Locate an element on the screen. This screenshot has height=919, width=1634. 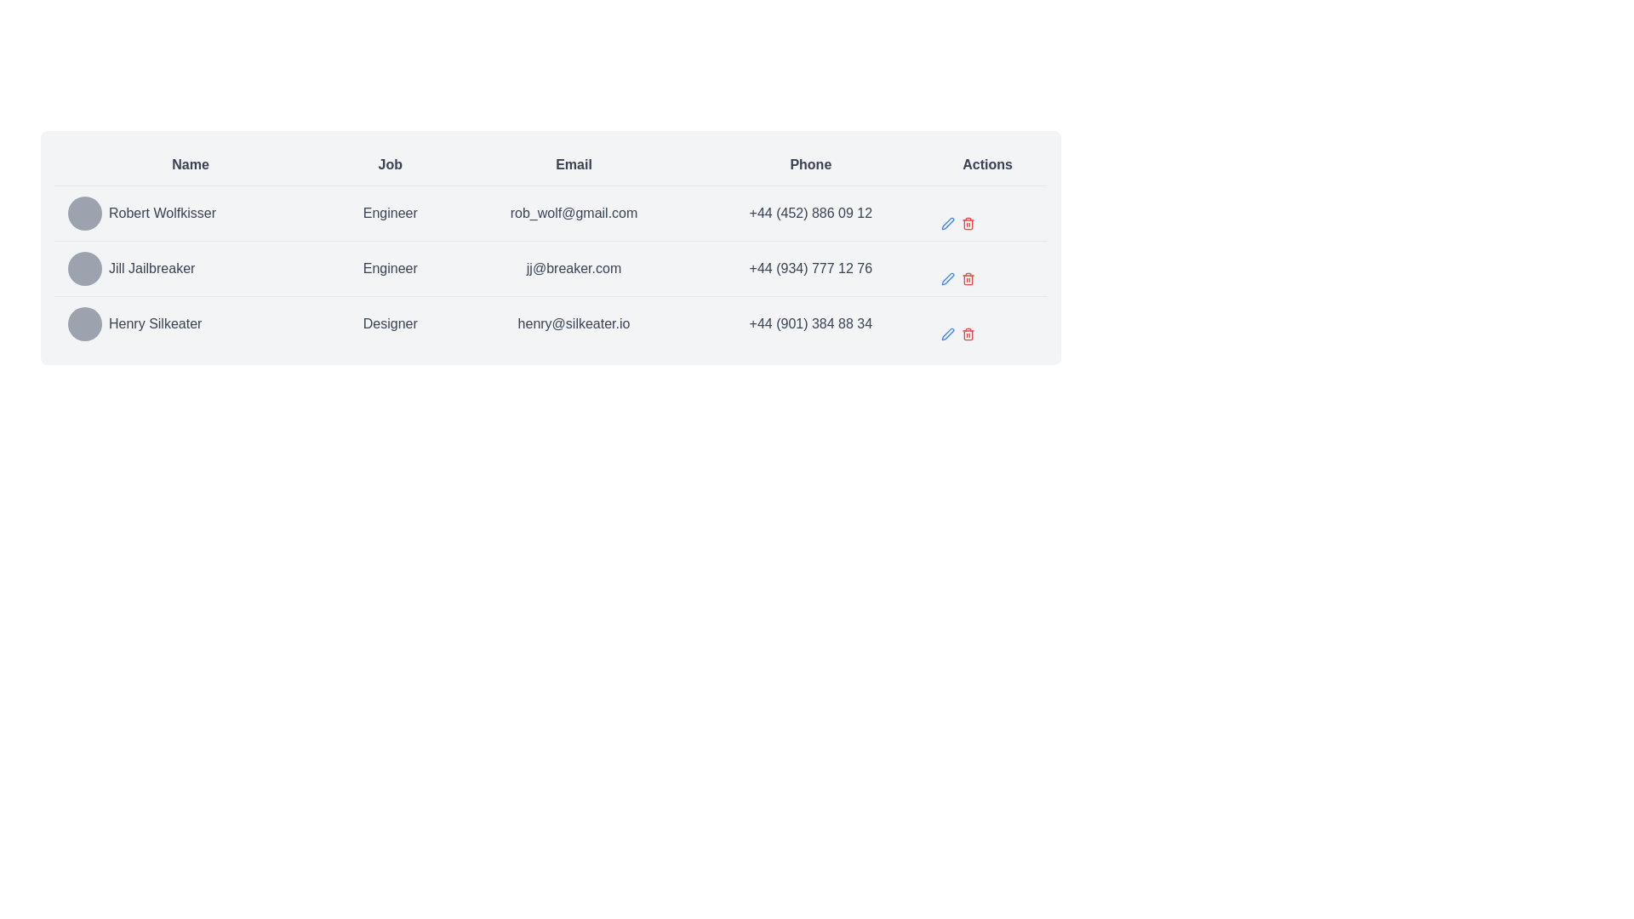
the second row of the table displaying contact and role information for Jill Jailbreaker is located at coordinates (551, 268).